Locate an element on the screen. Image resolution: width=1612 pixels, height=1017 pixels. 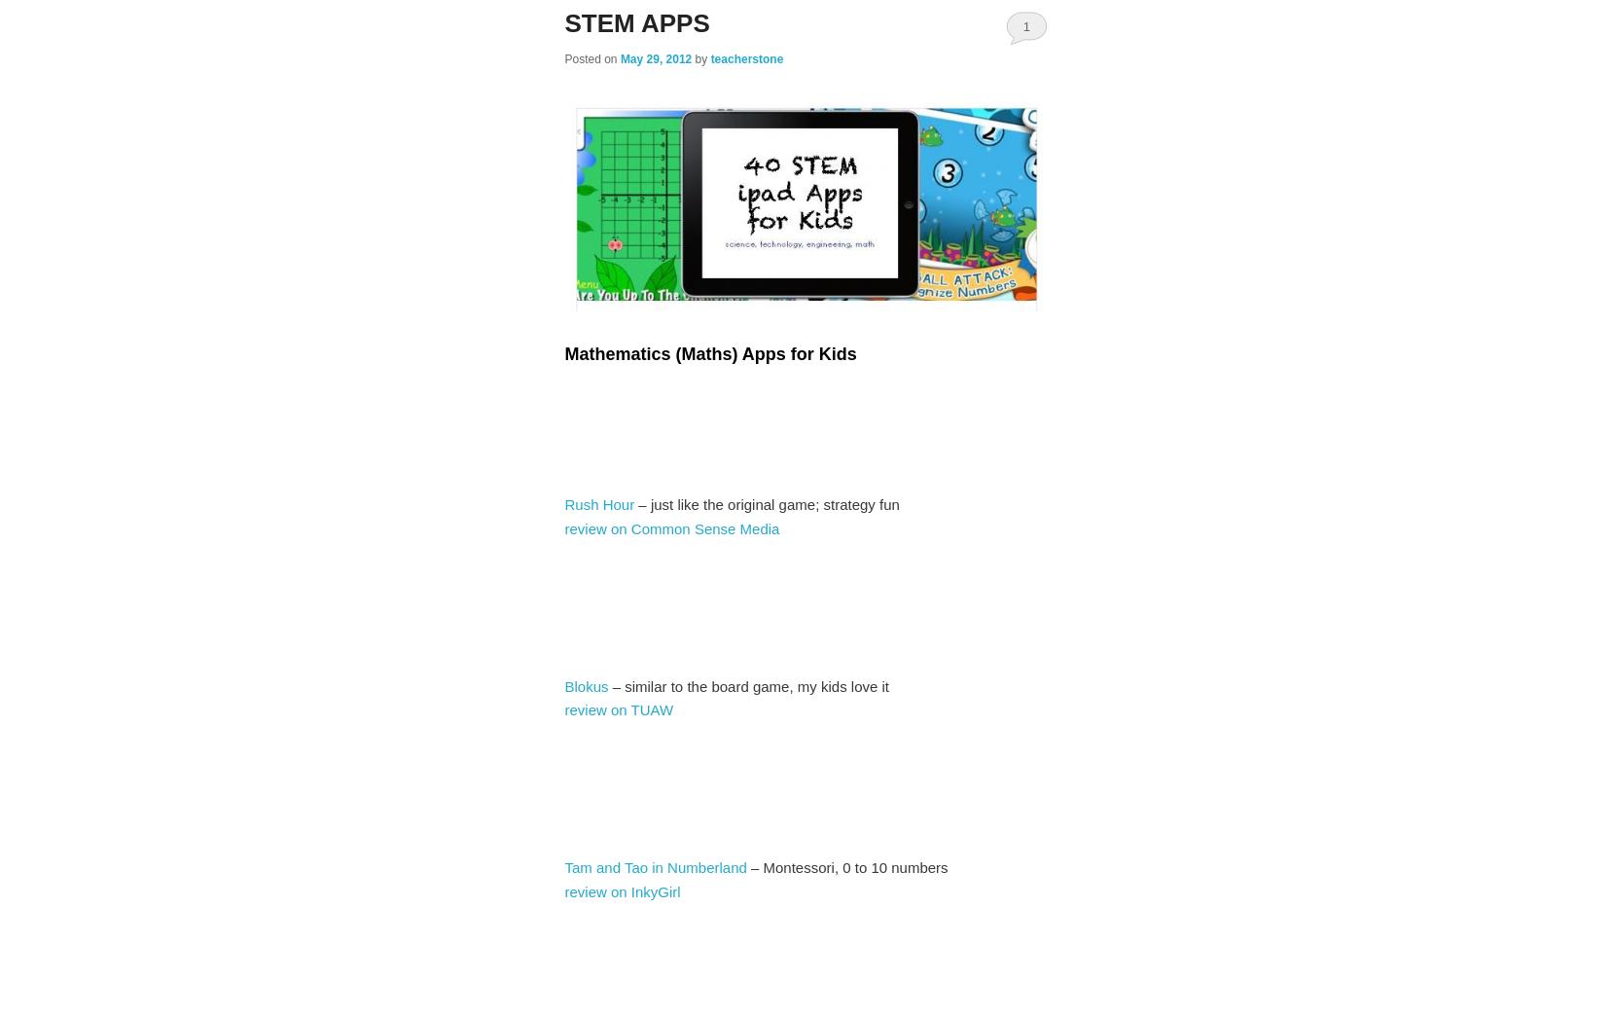
'teacherstone' is located at coordinates (709, 59).